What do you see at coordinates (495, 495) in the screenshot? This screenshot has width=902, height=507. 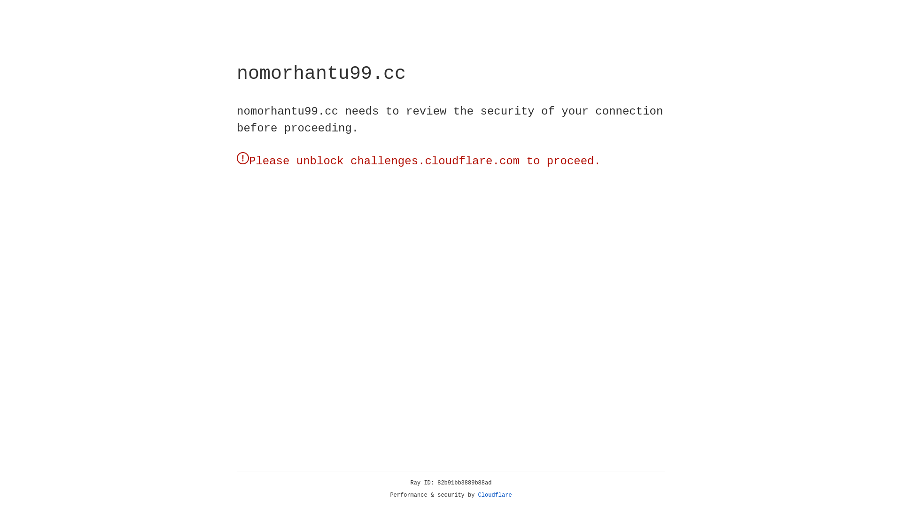 I see `'Cloudflare'` at bounding box center [495, 495].